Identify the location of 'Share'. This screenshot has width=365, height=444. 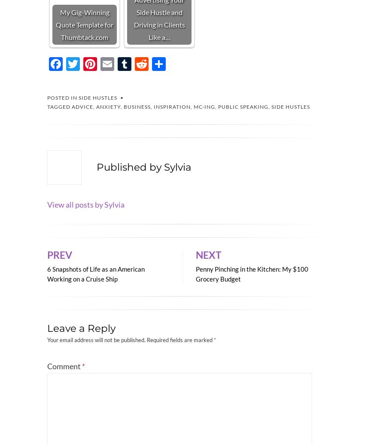
(172, 83).